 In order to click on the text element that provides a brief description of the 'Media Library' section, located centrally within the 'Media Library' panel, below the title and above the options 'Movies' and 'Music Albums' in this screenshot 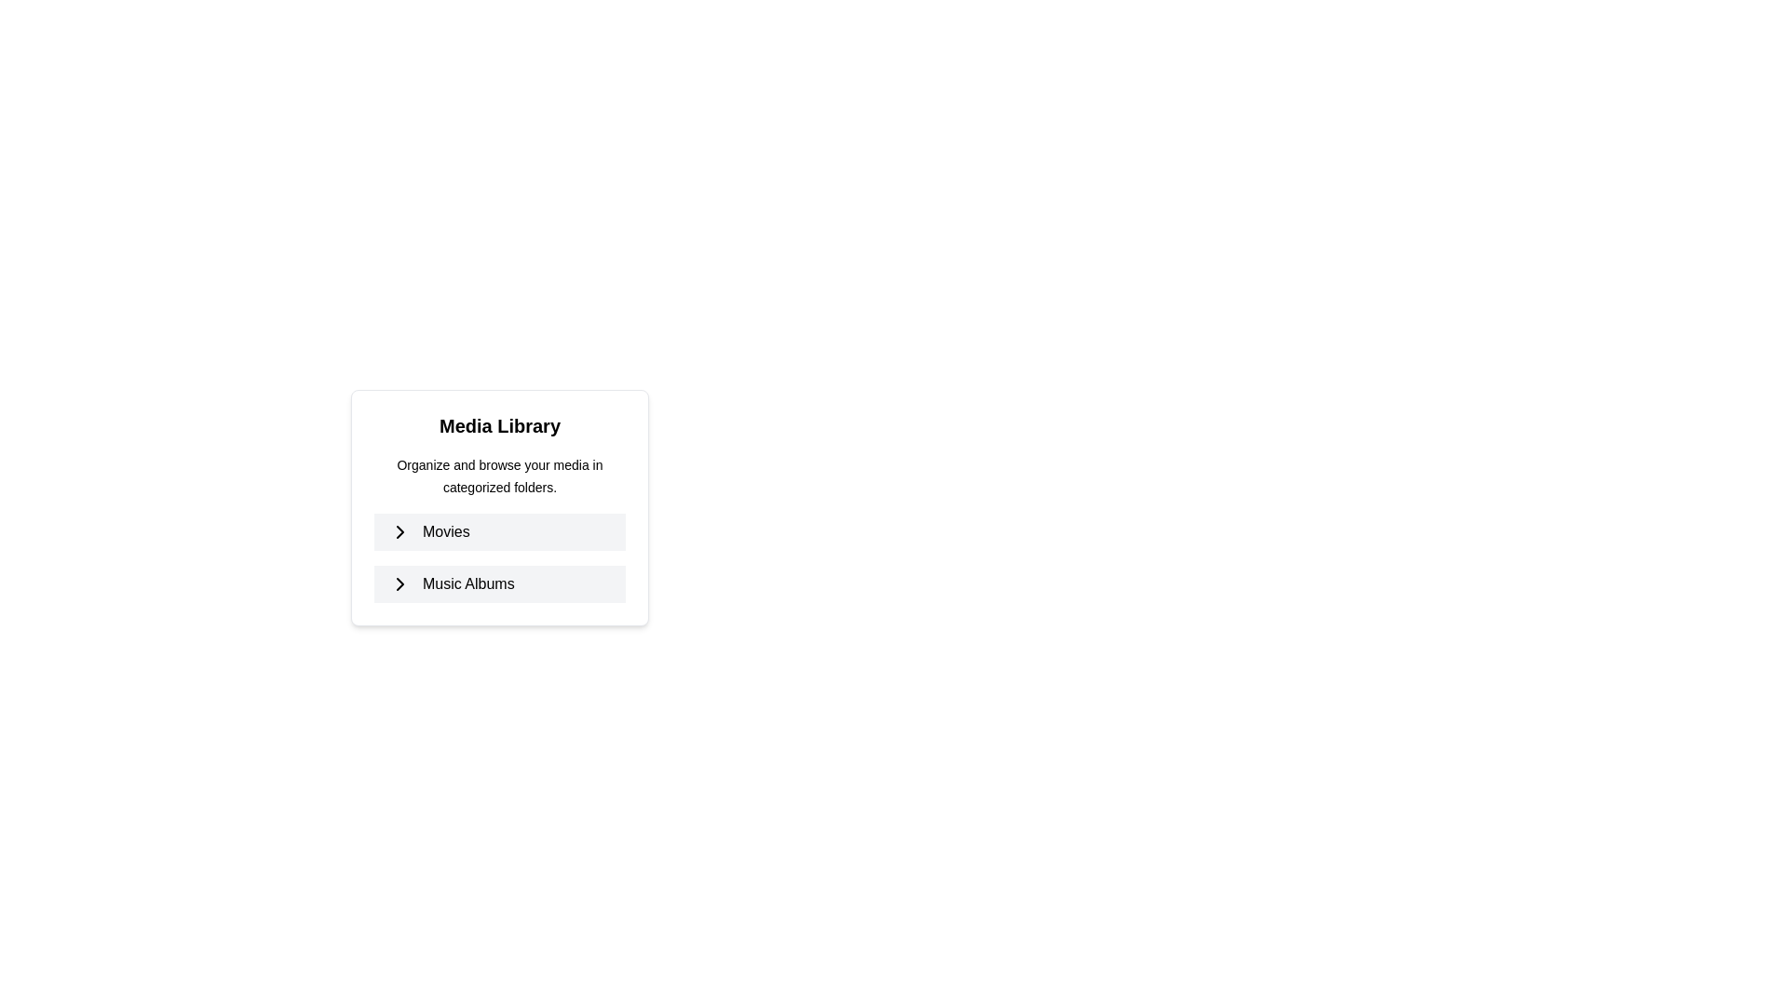, I will do `click(500, 476)`.